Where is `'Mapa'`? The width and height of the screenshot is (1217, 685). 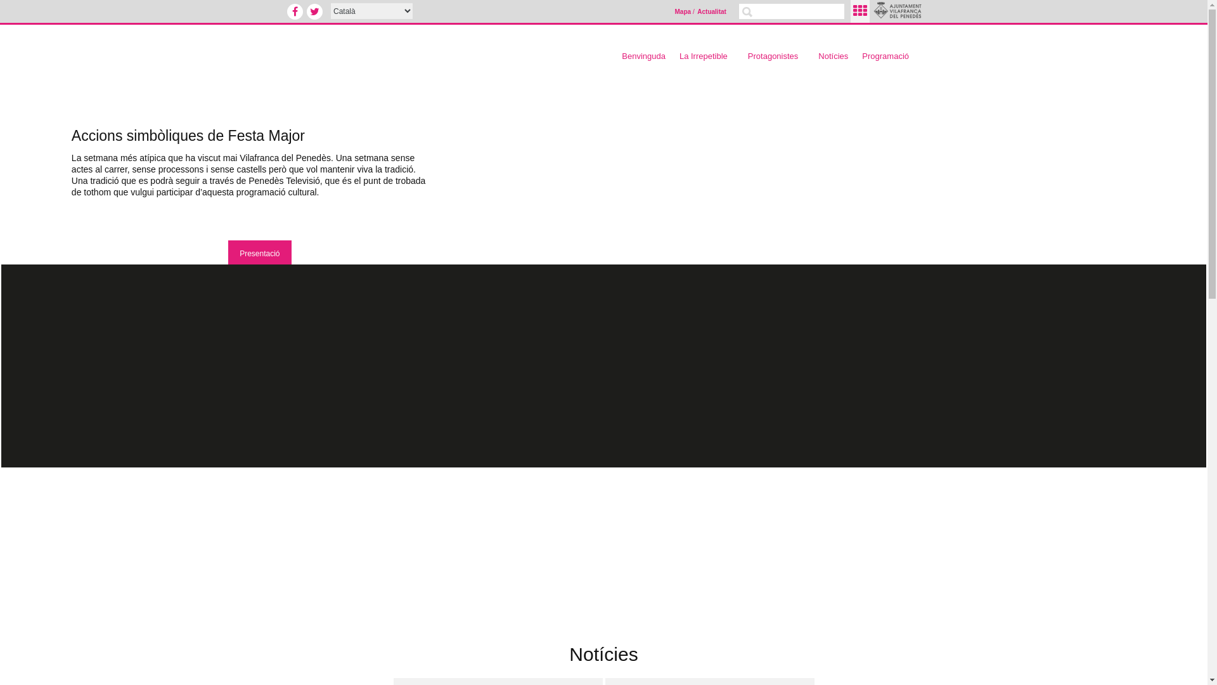
'Mapa' is located at coordinates (674, 12).